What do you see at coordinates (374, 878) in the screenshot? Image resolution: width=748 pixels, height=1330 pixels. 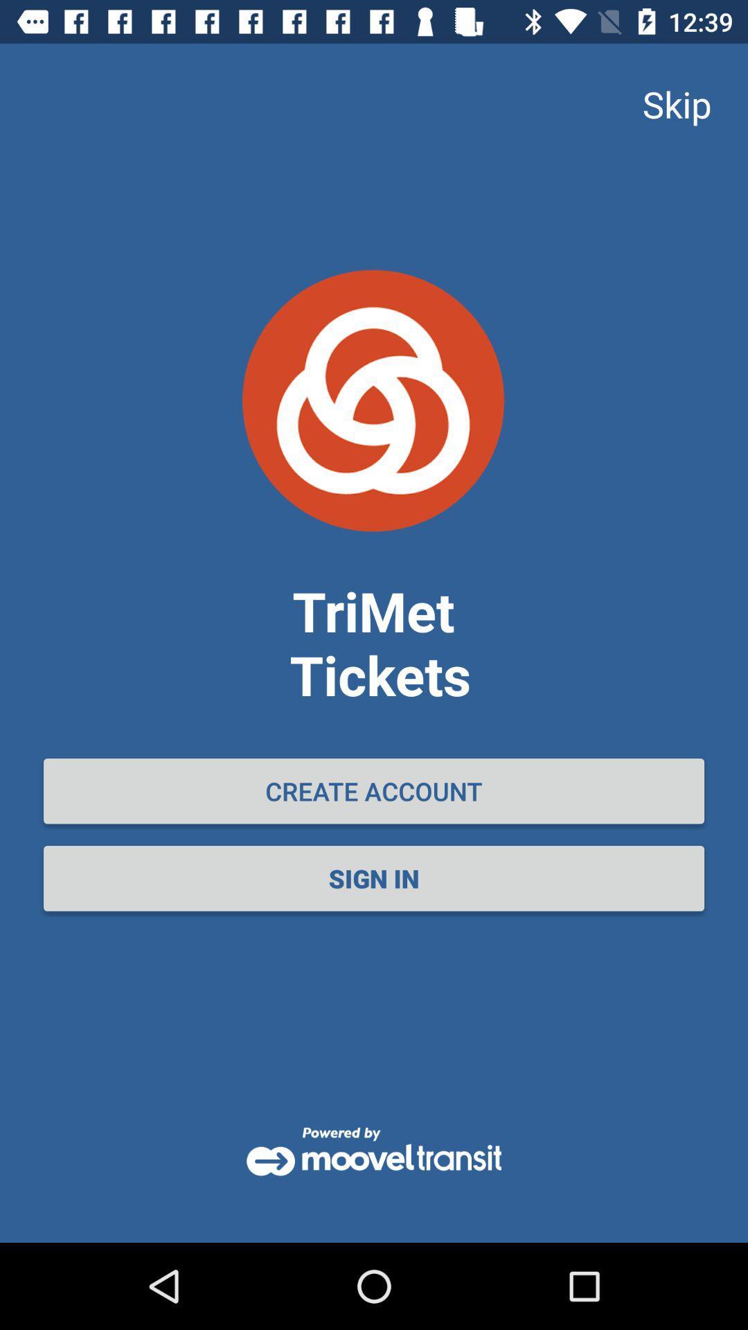 I see `the icon below the create account icon` at bounding box center [374, 878].